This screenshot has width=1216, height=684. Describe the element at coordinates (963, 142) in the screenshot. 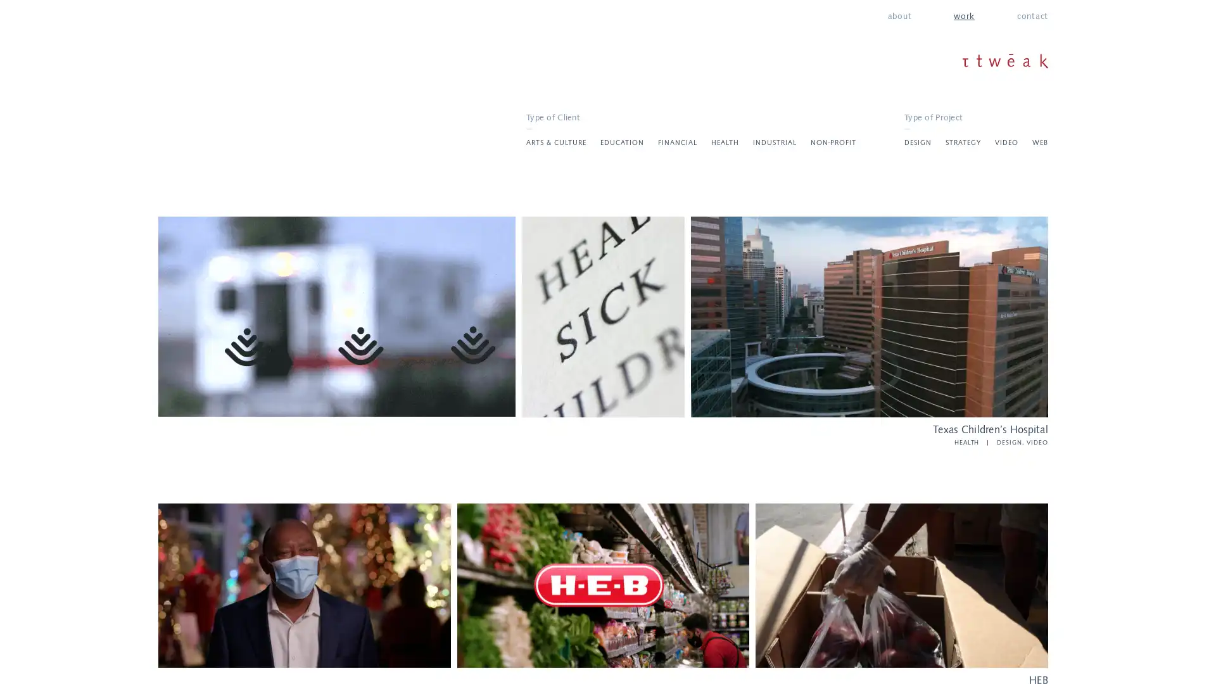

I see `STRATEGY` at that location.